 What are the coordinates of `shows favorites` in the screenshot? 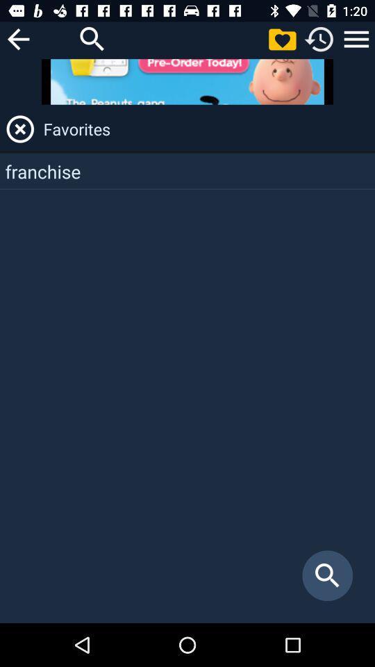 It's located at (281, 38).